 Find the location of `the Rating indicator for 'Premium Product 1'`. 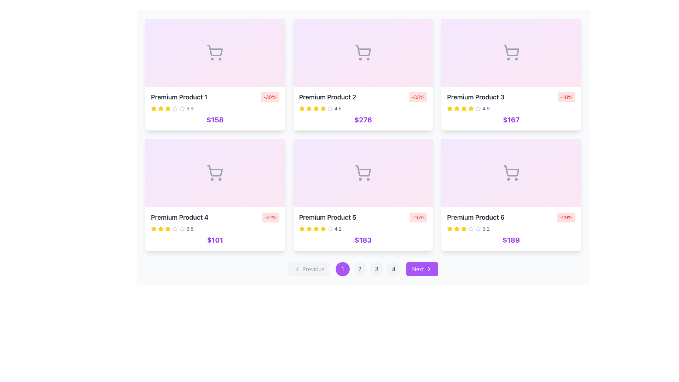

the Rating indicator for 'Premium Product 1' is located at coordinates (215, 109).